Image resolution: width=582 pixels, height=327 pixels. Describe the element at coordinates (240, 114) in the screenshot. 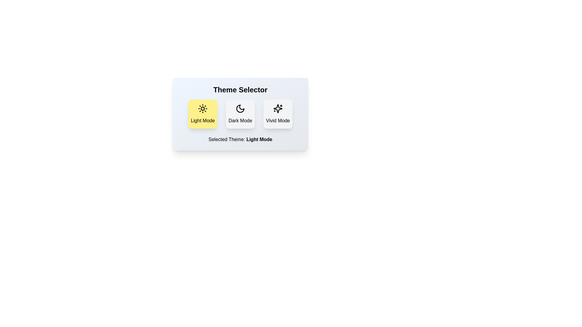

I see `the Dark Mode button to observe visual feedback` at that location.